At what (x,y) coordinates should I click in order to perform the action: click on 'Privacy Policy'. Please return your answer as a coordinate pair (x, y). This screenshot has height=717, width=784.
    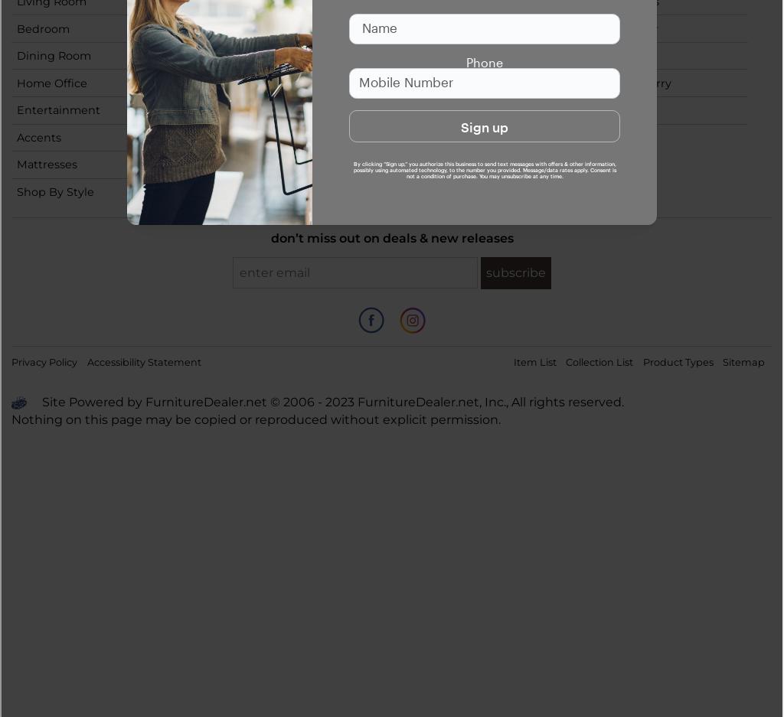
    Looking at the image, I should click on (11, 362).